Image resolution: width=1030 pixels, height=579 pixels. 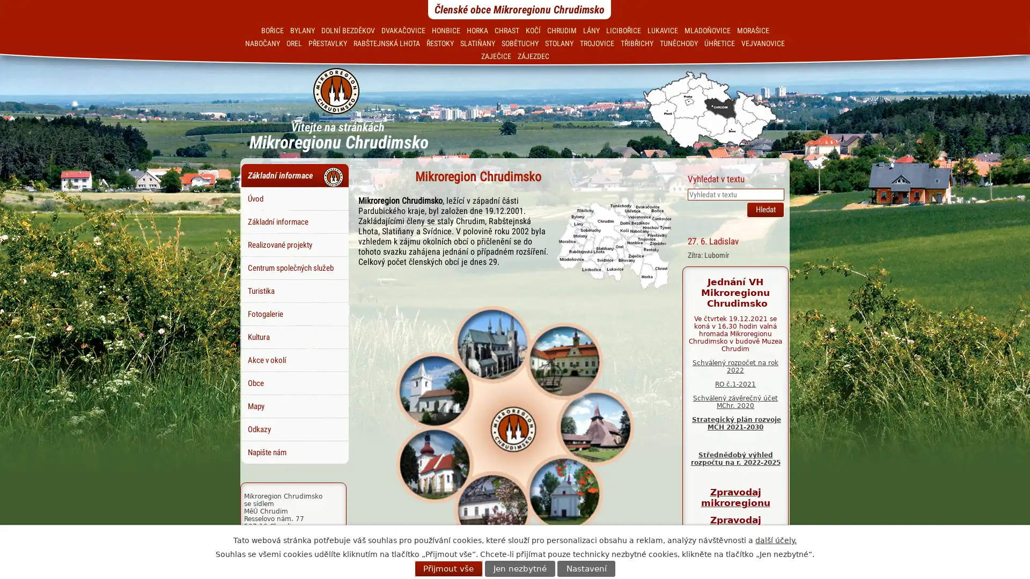 What do you see at coordinates (764, 209) in the screenshot?
I see `Hledat` at bounding box center [764, 209].